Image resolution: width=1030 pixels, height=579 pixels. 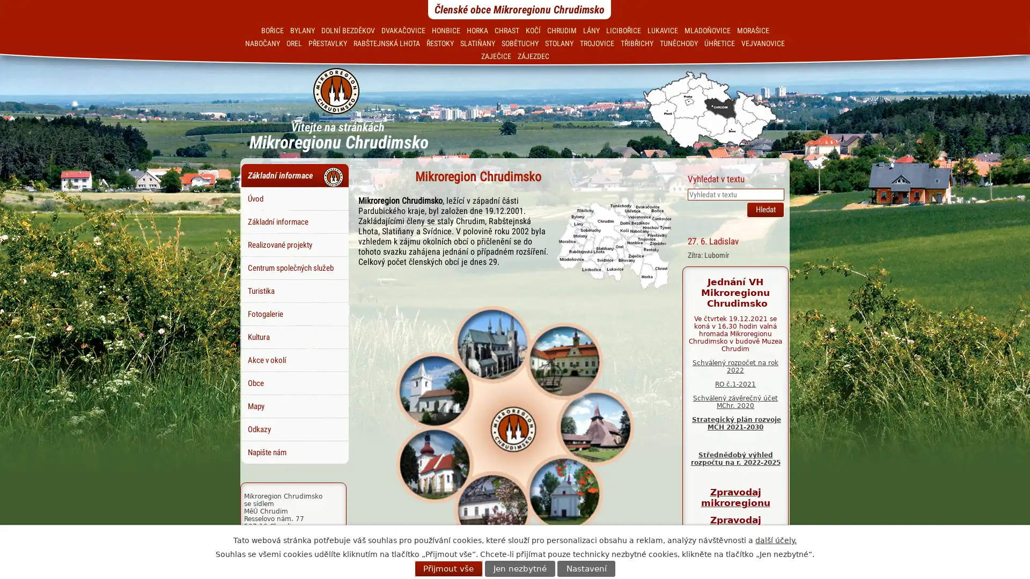 What do you see at coordinates (764, 209) in the screenshot?
I see `Hledat` at bounding box center [764, 209].